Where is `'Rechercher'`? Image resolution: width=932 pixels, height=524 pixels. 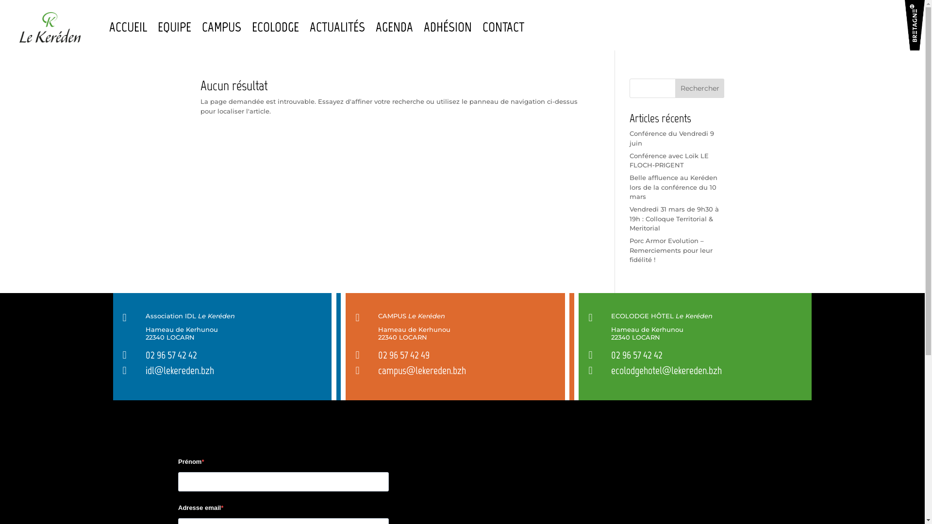 'Rechercher' is located at coordinates (675, 88).